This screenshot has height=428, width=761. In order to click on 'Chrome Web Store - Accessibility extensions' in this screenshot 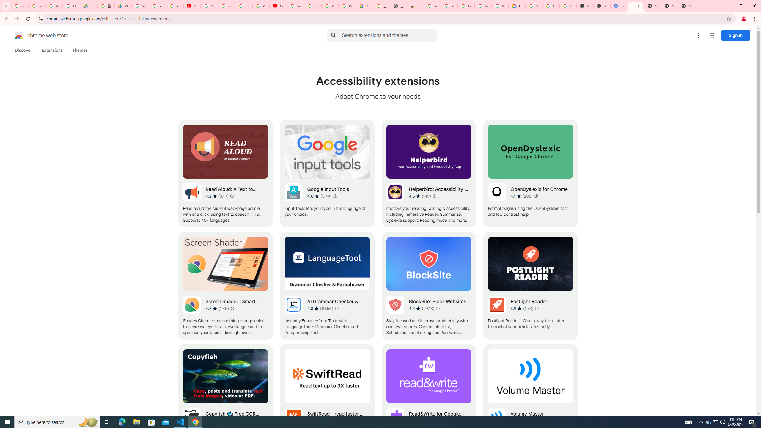, I will do `click(635, 6)`.